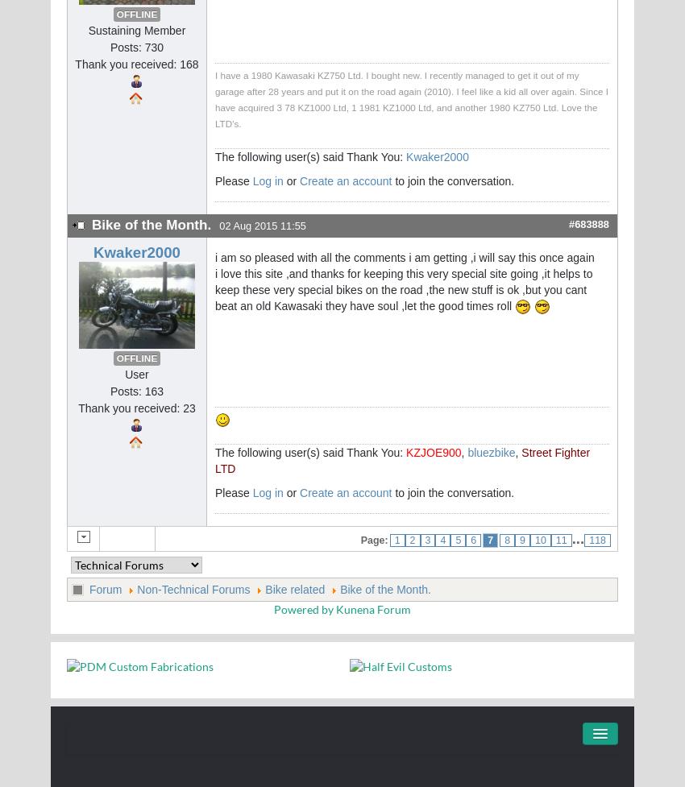 Image resolution: width=685 pixels, height=787 pixels. Describe the element at coordinates (506, 541) in the screenshot. I see `'8'` at that location.